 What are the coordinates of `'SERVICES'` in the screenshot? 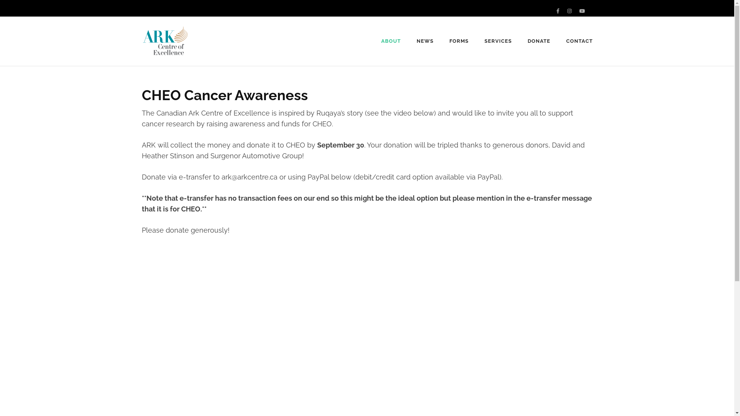 It's located at (498, 41).